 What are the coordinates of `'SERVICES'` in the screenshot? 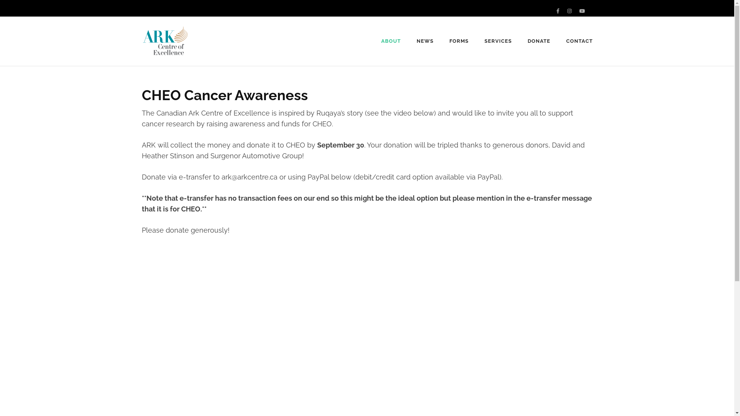 It's located at (498, 41).